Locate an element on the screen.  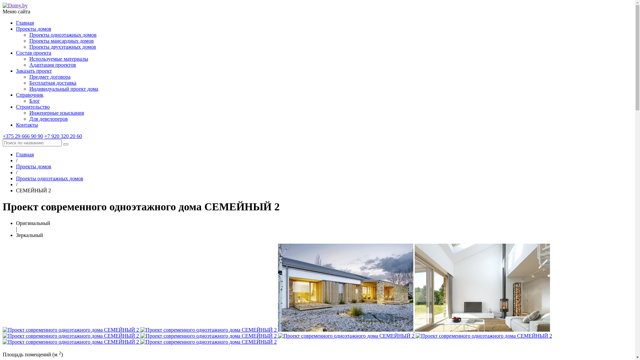
'+7 920 320 20 60' is located at coordinates (63, 136).